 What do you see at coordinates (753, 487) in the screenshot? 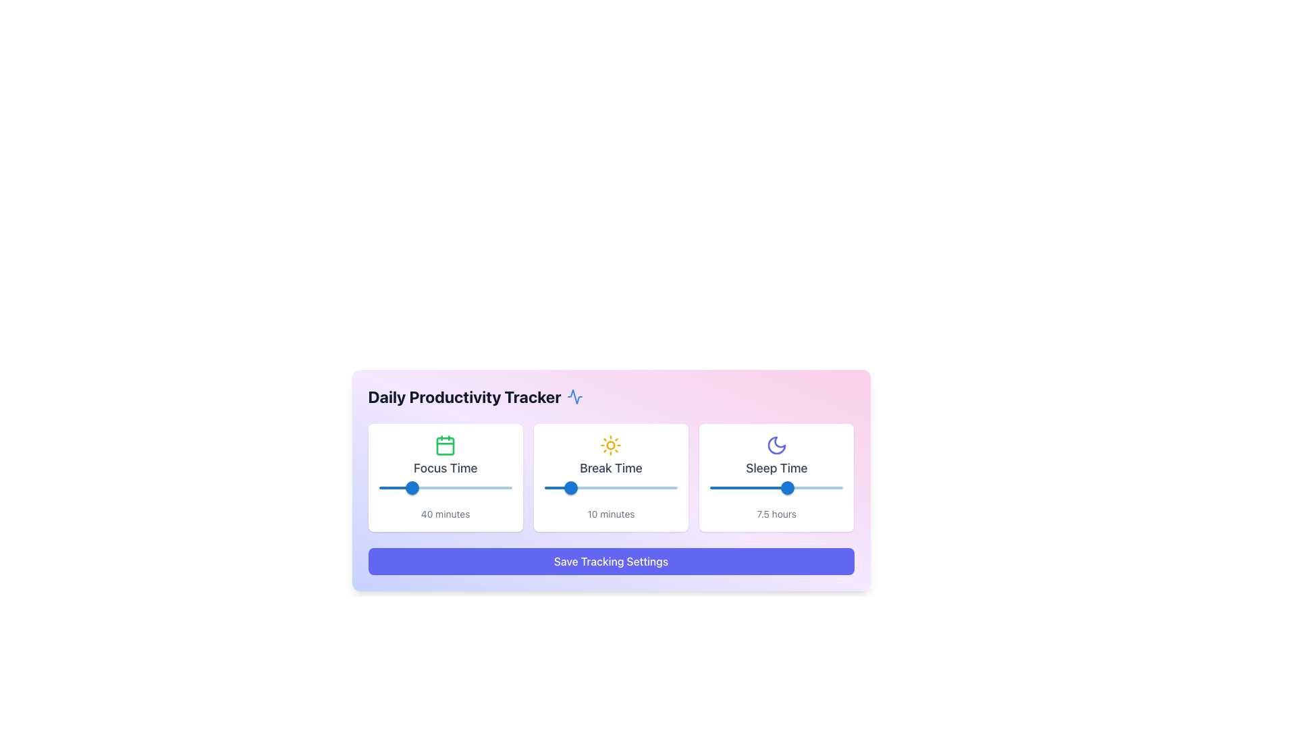
I see `the sleep time slider` at bounding box center [753, 487].